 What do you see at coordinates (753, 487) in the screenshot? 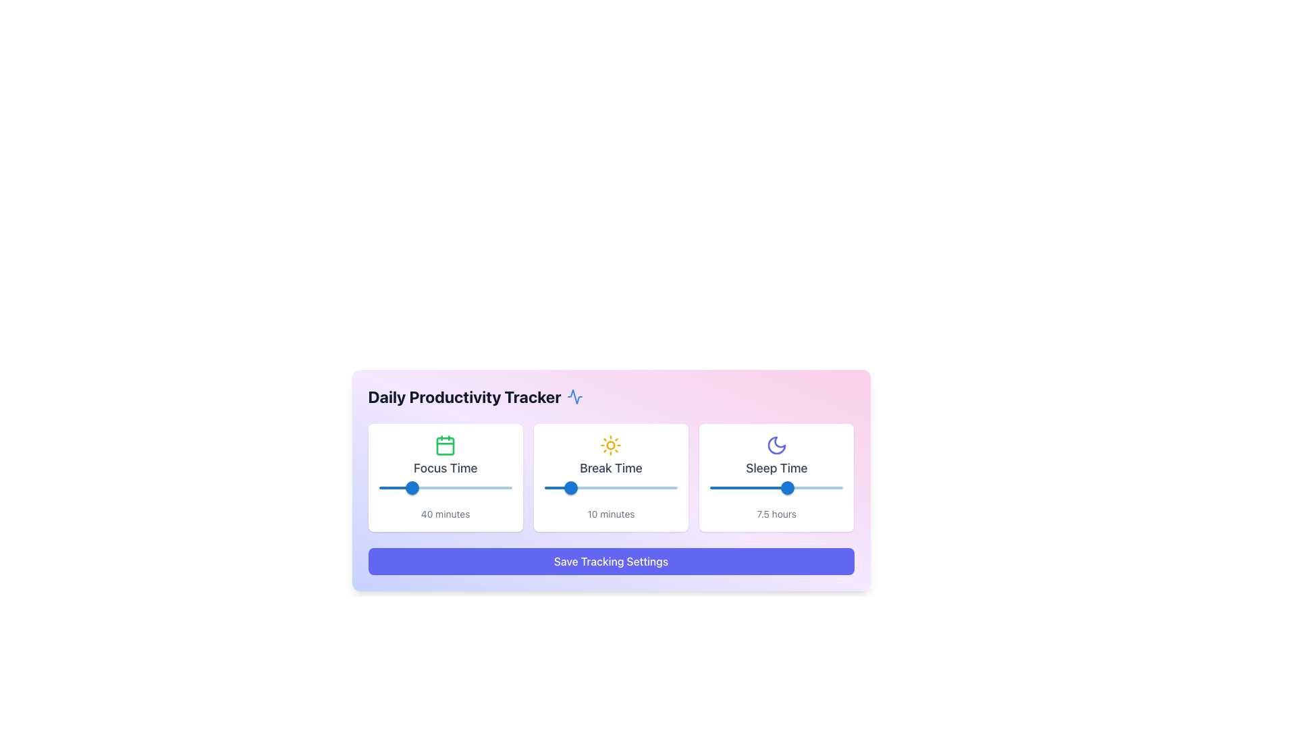
I see `the sleep time slider` at bounding box center [753, 487].